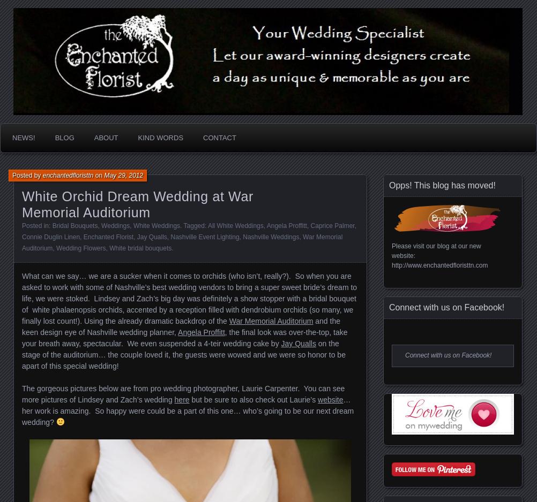 The width and height of the screenshot is (537, 502). Describe the element at coordinates (50, 237) in the screenshot. I see `'Connie Duglin Linen'` at that location.